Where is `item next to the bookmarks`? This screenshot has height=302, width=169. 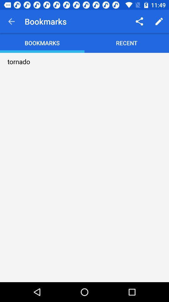
item next to the bookmarks is located at coordinates (11, 21).